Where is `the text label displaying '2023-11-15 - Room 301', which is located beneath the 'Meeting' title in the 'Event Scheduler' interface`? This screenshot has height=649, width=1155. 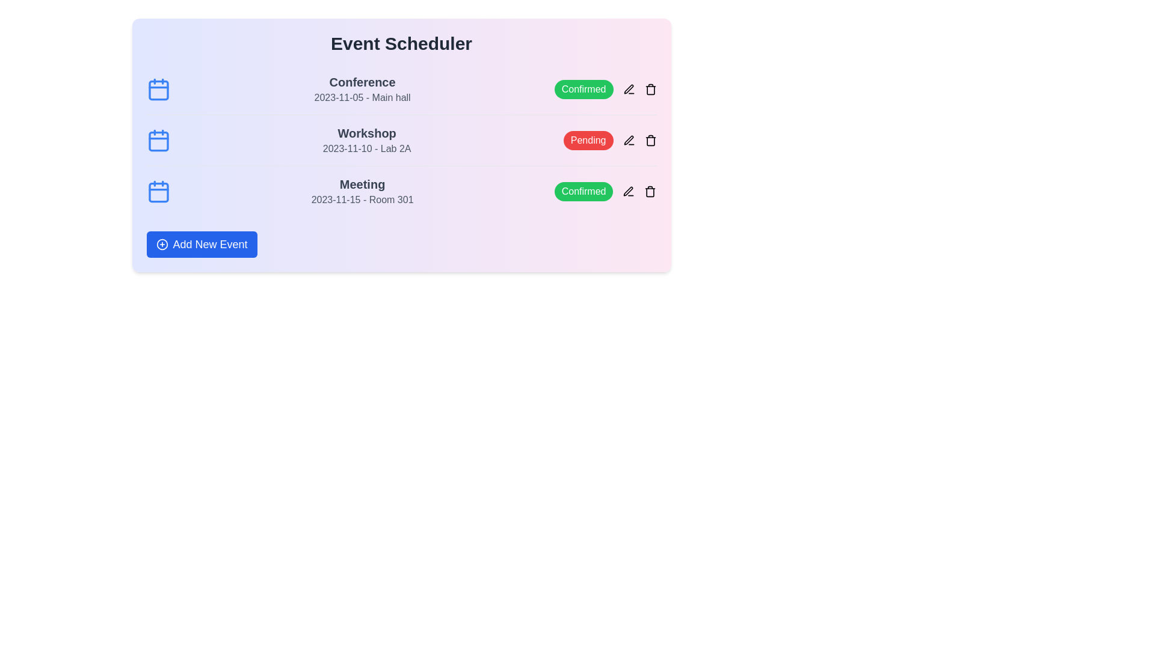 the text label displaying '2023-11-15 - Room 301', which is located beneath the 'Meeting' title in the 'Event Scheduler' interface is located at coordinates (362, 199).